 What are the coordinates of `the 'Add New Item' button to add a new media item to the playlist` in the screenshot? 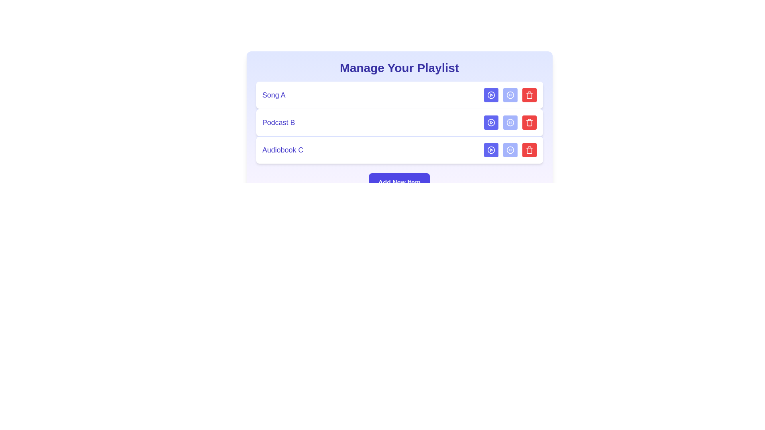 It's located at (399, 183).